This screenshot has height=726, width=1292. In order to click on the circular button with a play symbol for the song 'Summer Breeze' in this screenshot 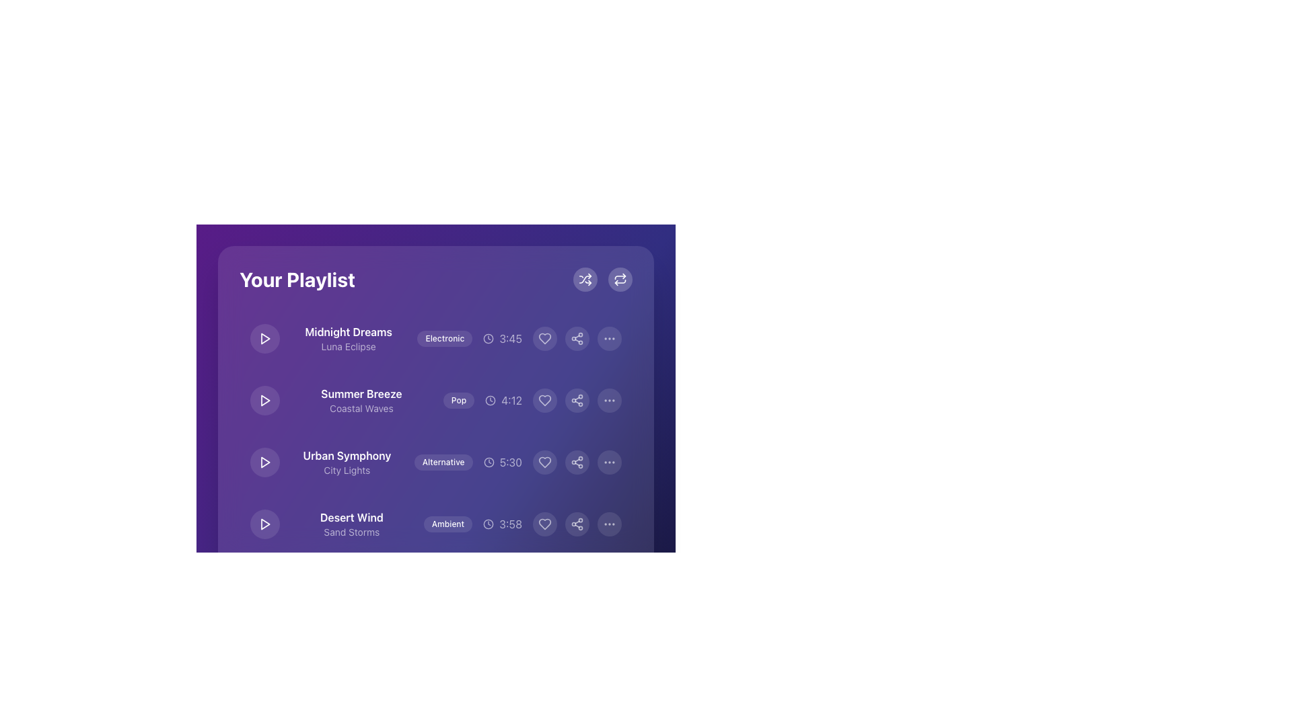, I will do `click(264, 400)`.